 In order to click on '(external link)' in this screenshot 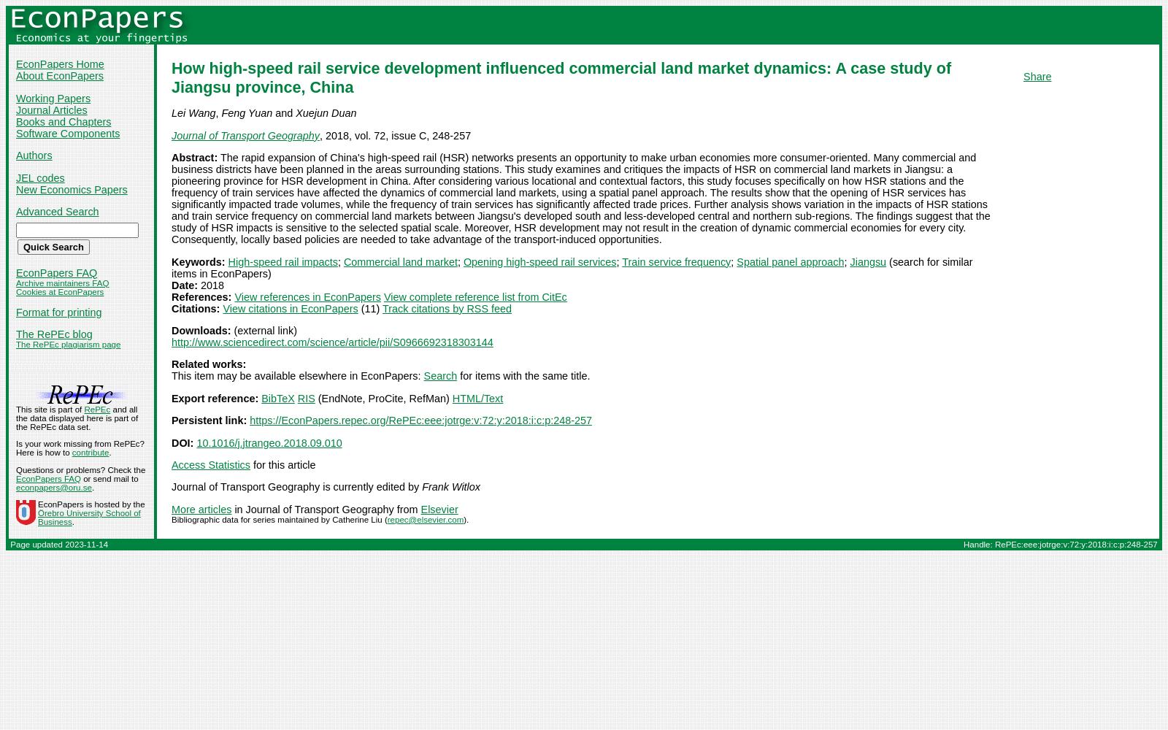, I will do `click(263, 330)`.